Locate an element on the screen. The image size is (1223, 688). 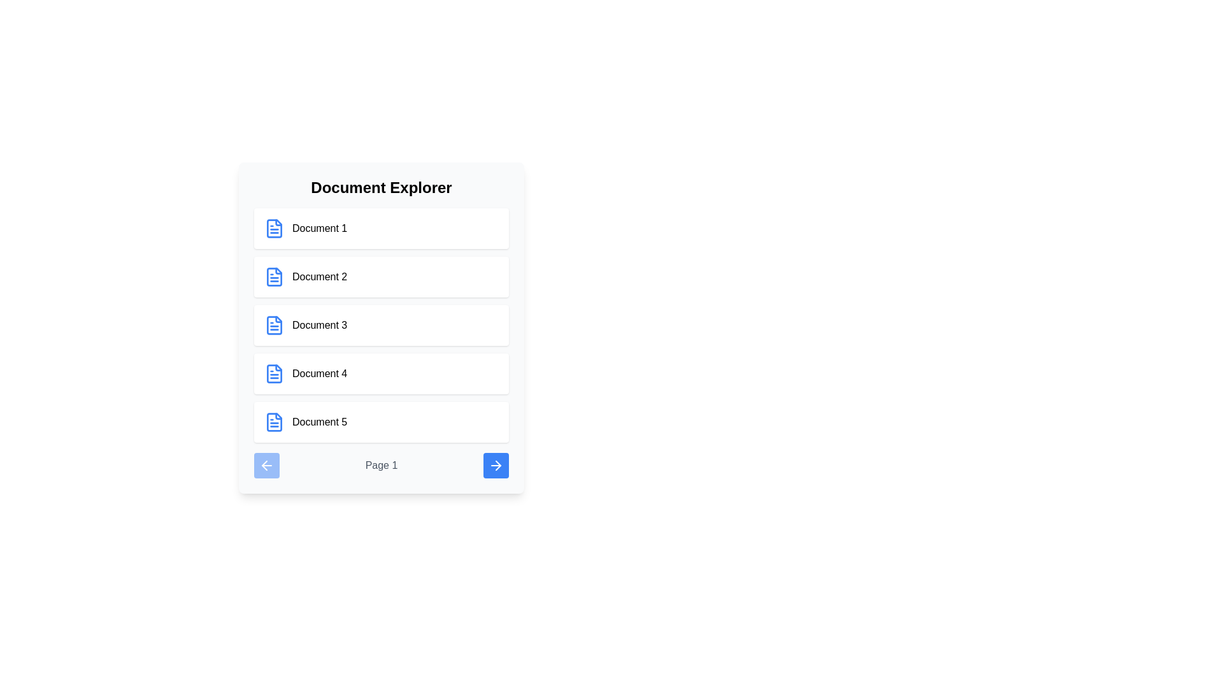
the navigation button located at the bottom-left corner of the pagination controls is located at coordinates (266, 466).